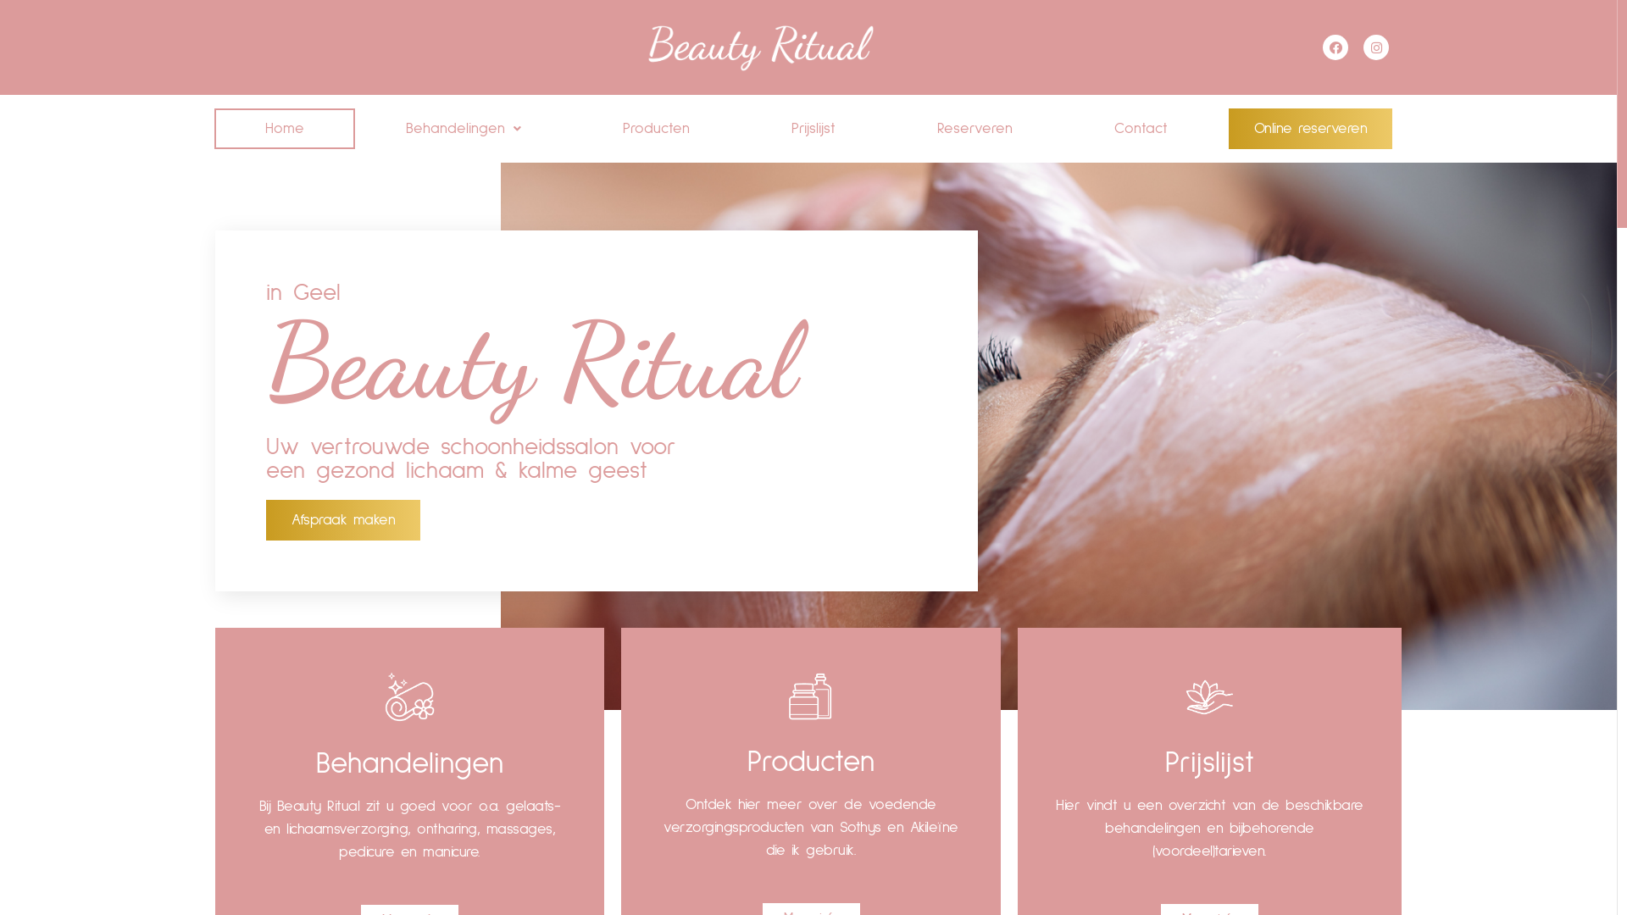 The width and height of the screenshot is (1627, 915). I want to click on 'Online reserveren', so click(1309, 127).